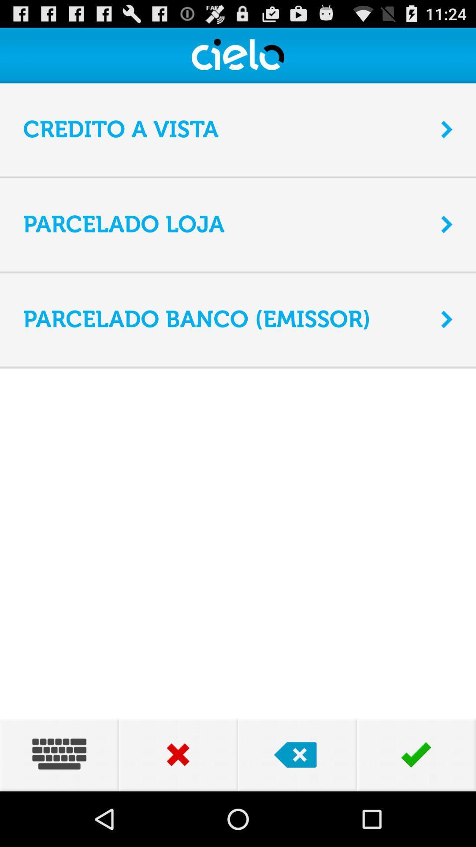 The image size is (476, 847). What do you see at coordinates (238, 366) in the screenshot?
I see `icon below the parcelado banco (emissor) app` at bounding box center [238, 366].